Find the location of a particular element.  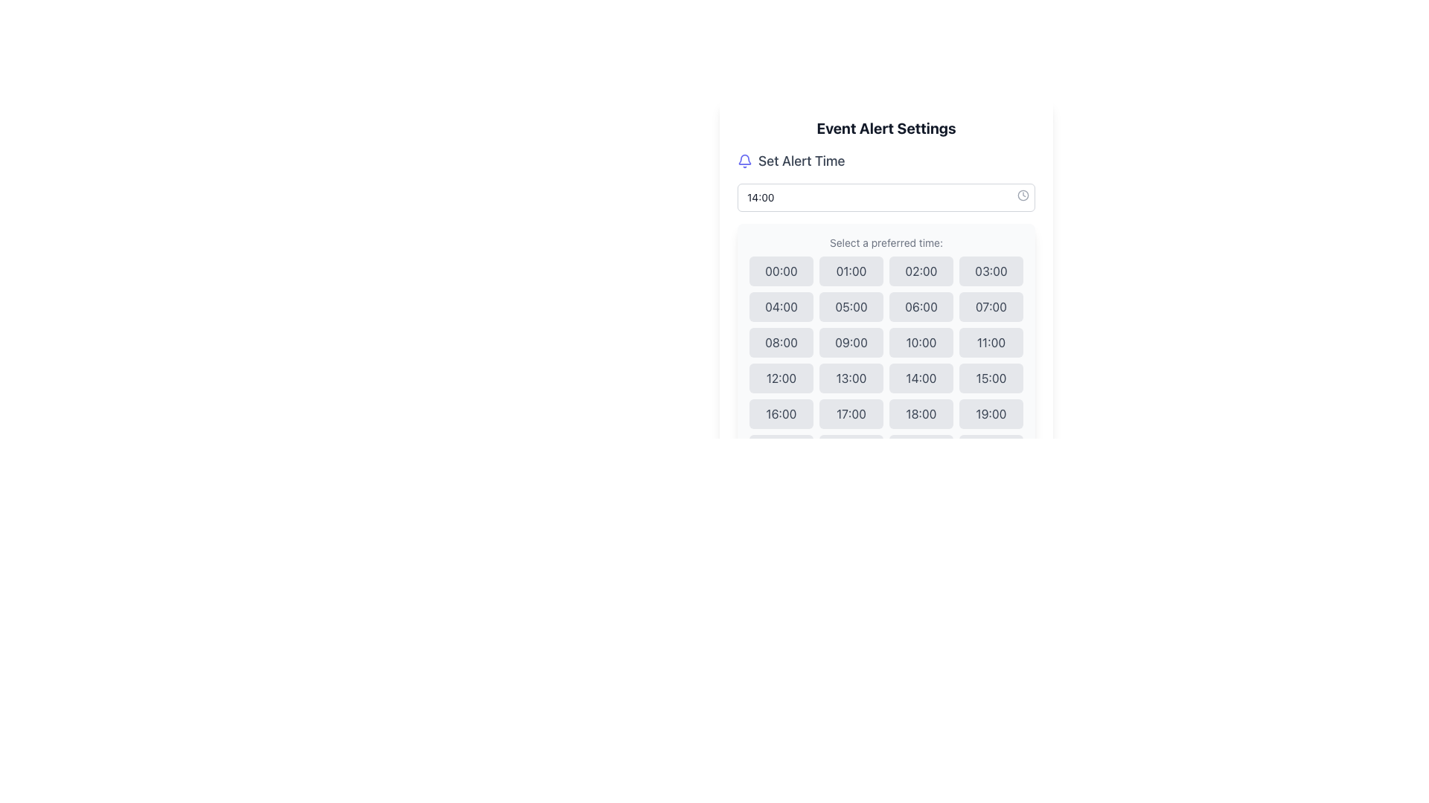

the button that allows users is located at coordinates (991, 306).